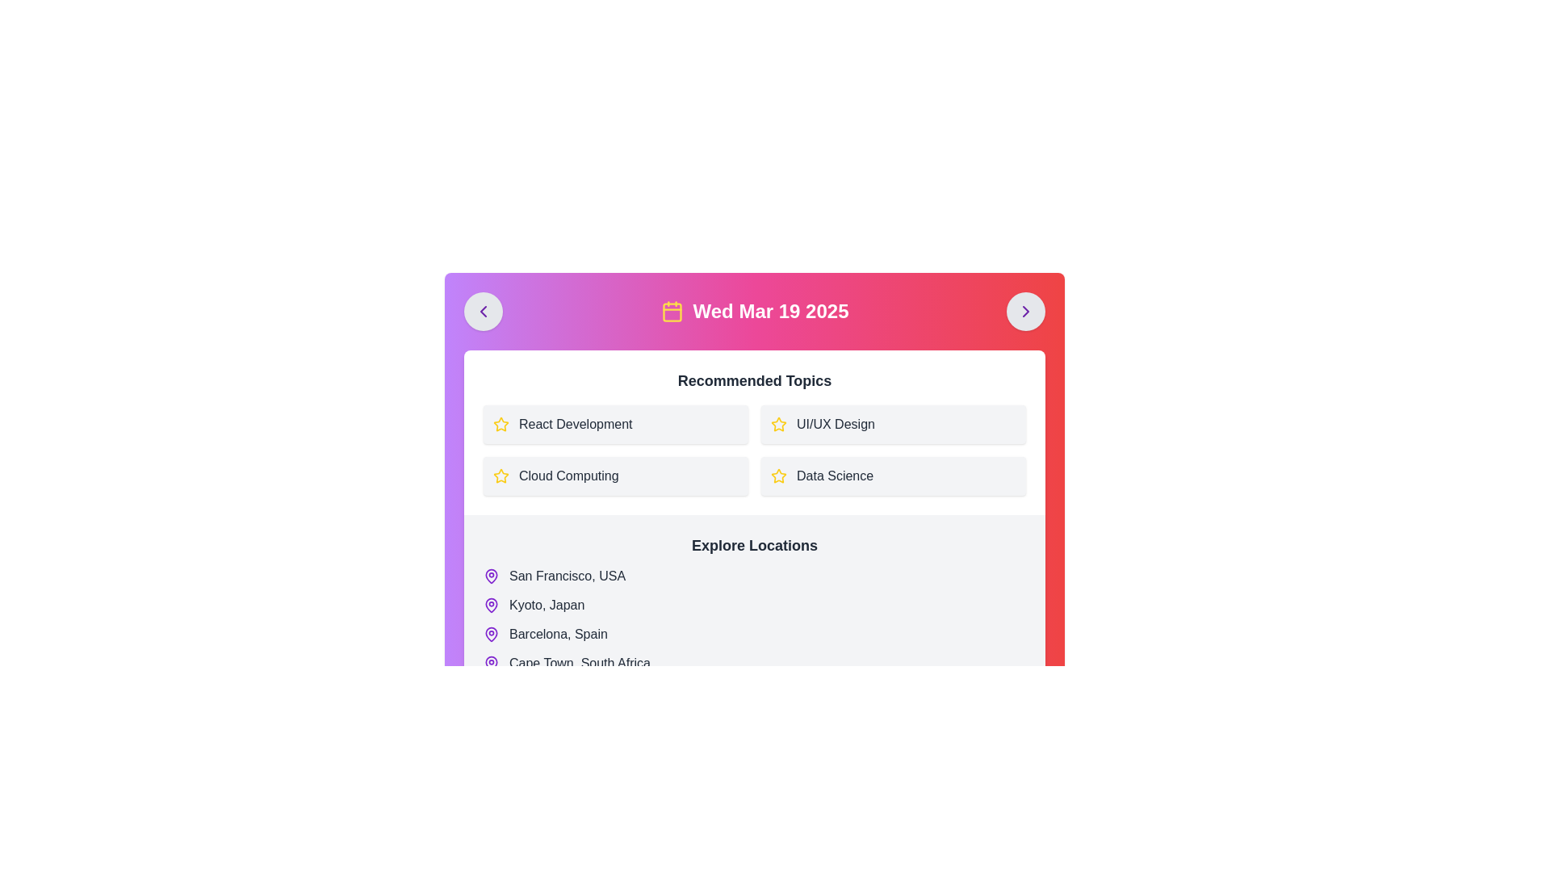  What do you see at coordinates (500, 423) in the screenshot?
I see `the star icon located in the second column of the 'Recommended Topics' section` at bounding box center [500, 423].